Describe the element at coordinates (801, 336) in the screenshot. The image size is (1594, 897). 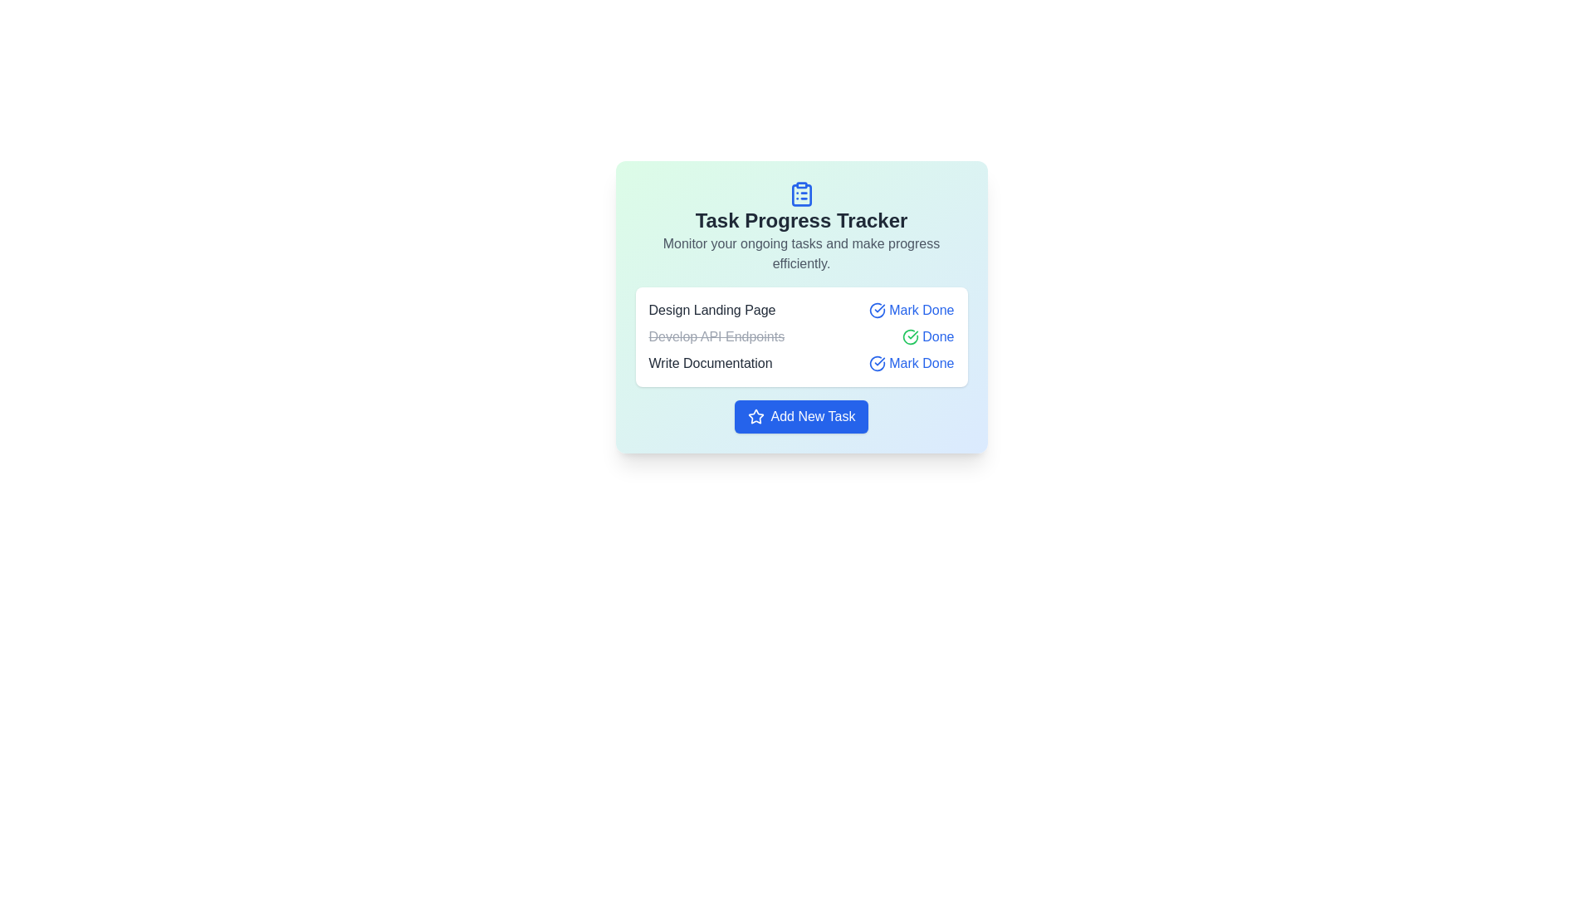
I see `the completed task name, 'Develop API Endpoints', which is the second item in the task list with a line-through effect and a 'Done' link` at that location.